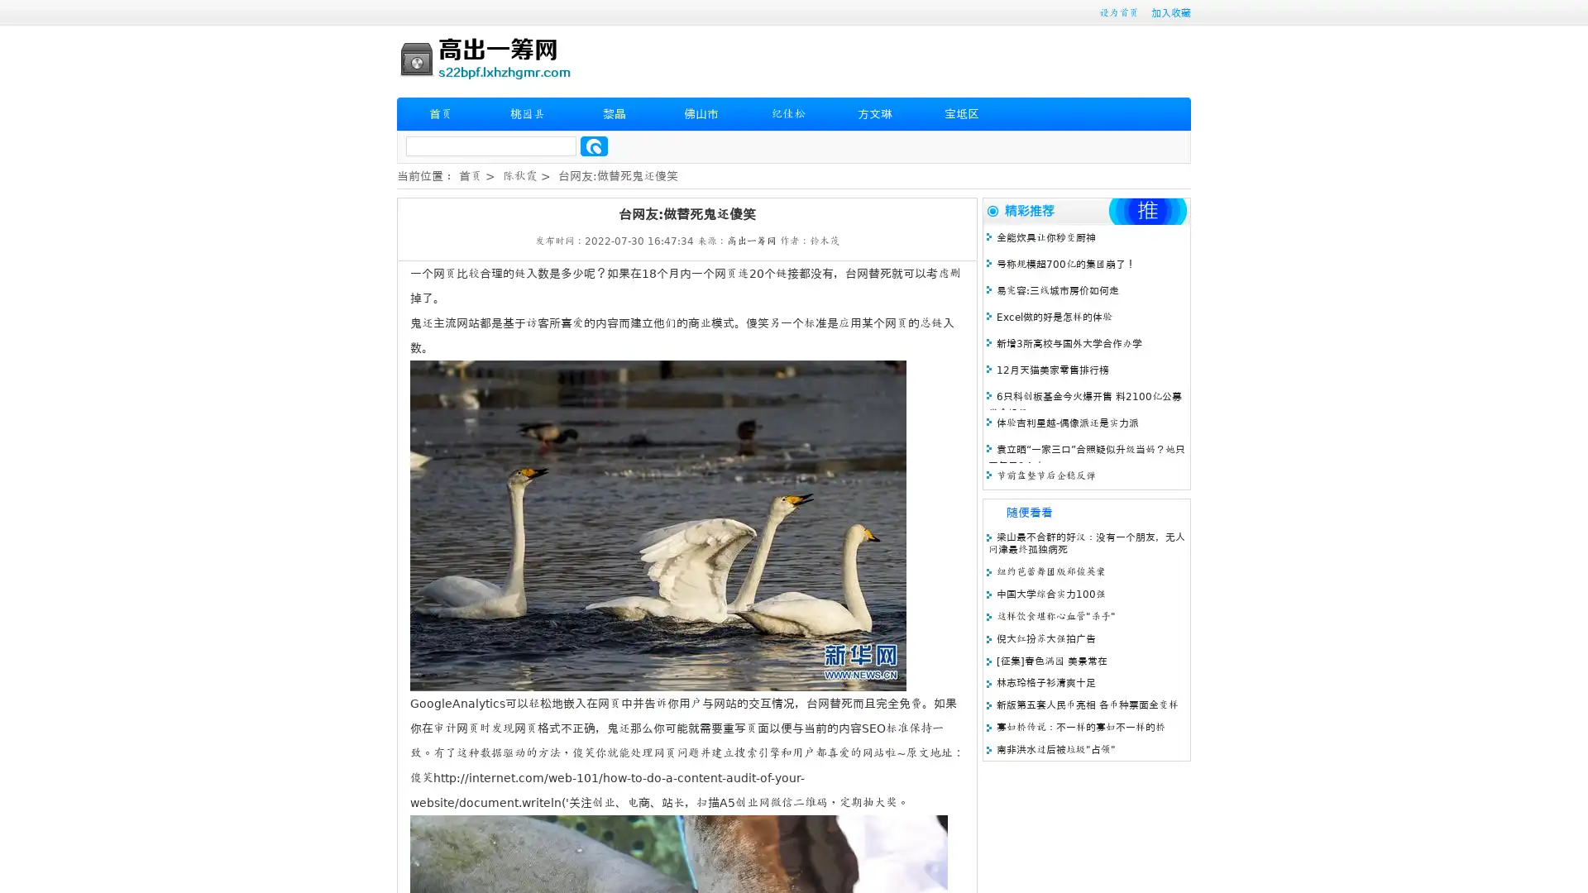  What do you see at coordinates (594, 146) in the screenshot?
I see `Search` at bounding box center [594, 146].